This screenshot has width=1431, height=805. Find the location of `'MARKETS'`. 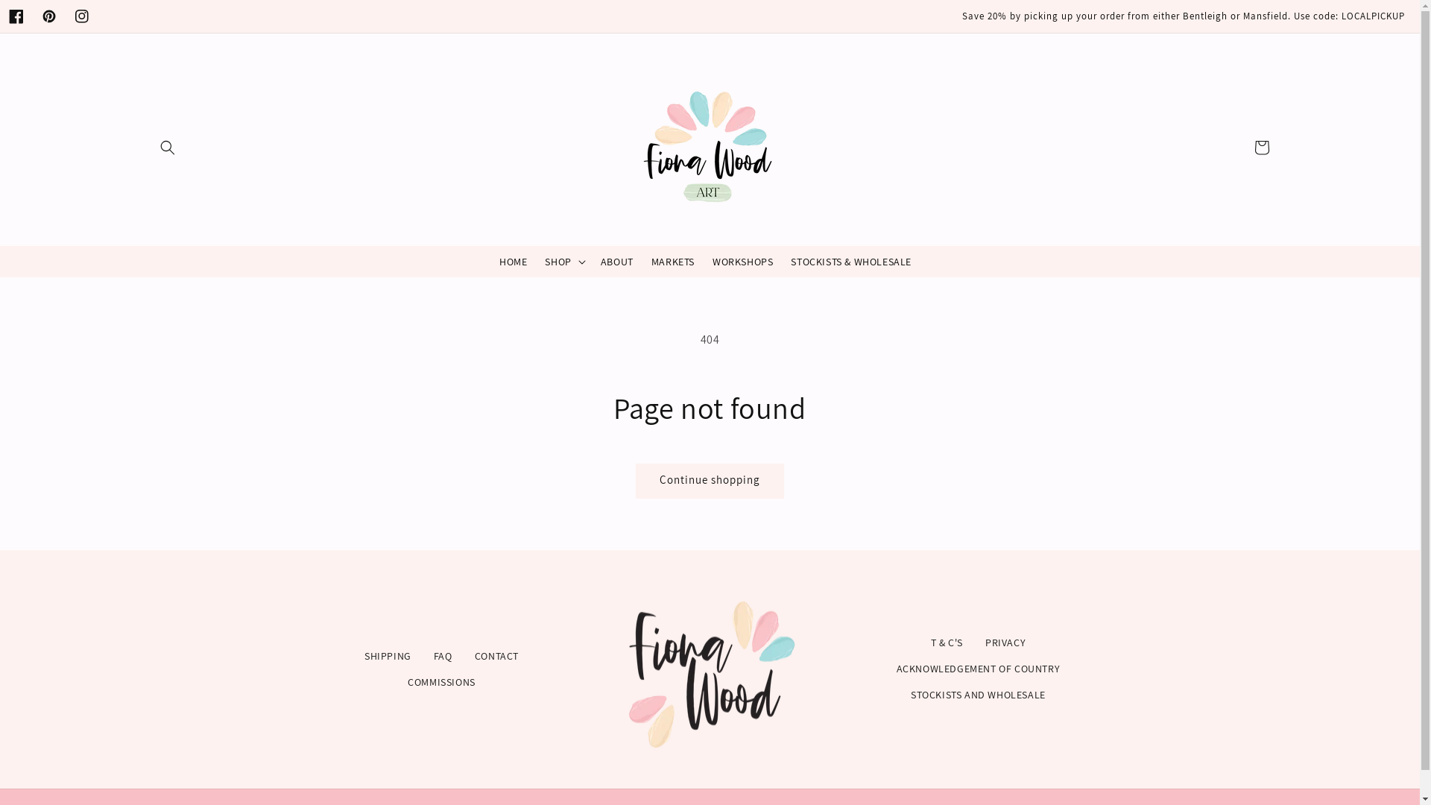

'MARKETS' is located at coordinates (672, 261).